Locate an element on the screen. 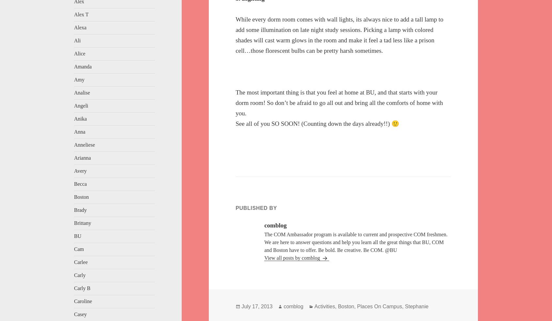  'Caroline' is located at coordinates (83, 301).